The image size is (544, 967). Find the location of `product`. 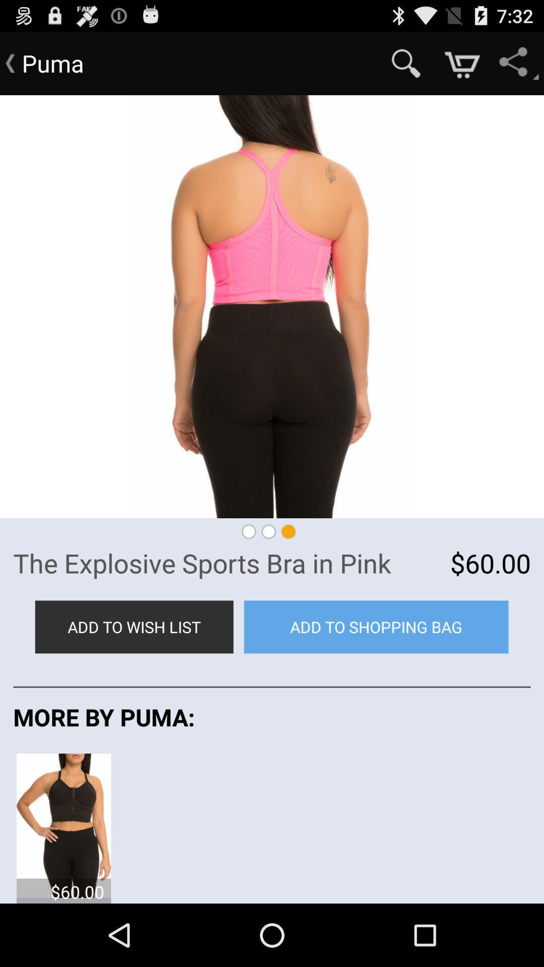

product is located at coordinates (63, 824).